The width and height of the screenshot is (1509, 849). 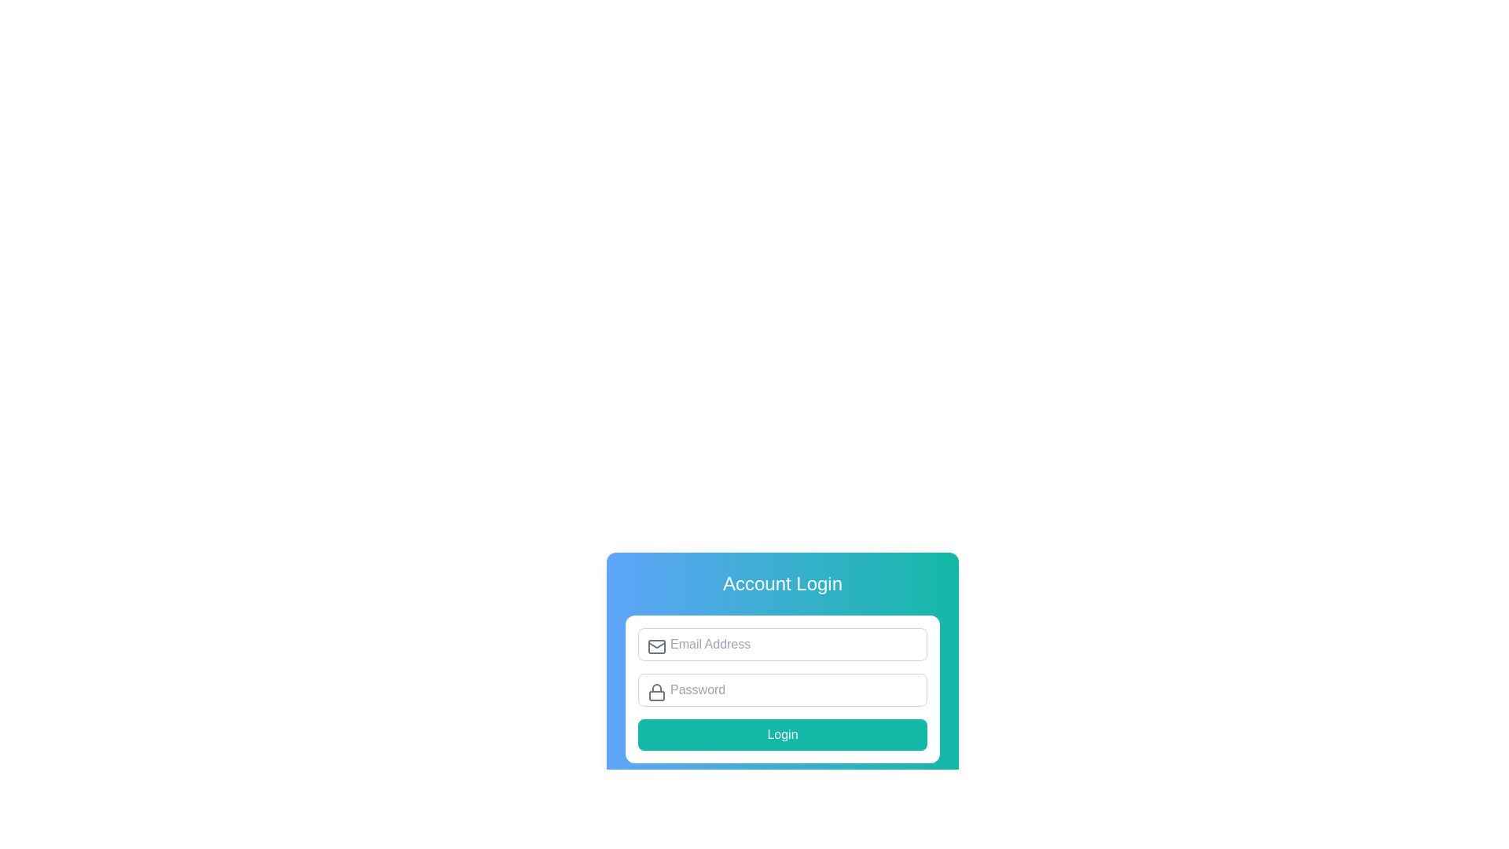 What do you see at coordinates (783, 584) in the screenshot?
I see `the text label displaying 'Account Login' in white color against a gradient blue to teal background` at bounding box center [783, 584].